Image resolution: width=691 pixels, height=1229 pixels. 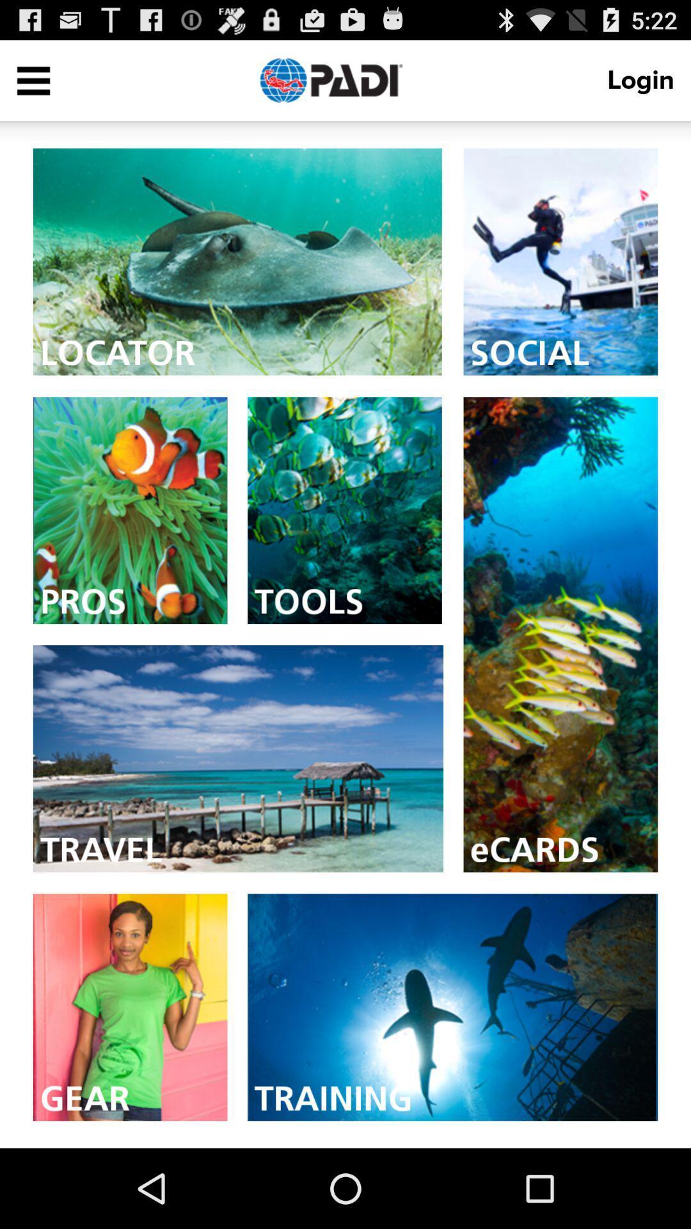 I want to click on tools, so click(x=344, y=510).